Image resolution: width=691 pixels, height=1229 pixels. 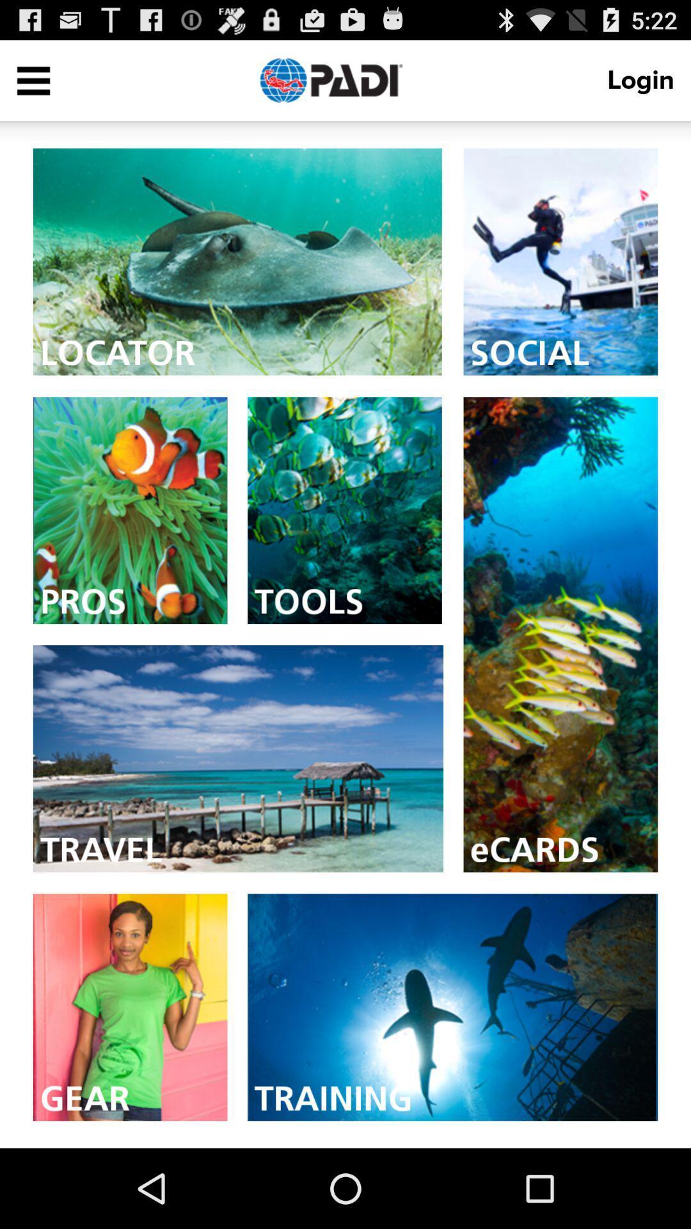 I want to click on tools, so click(x=344, y=510).